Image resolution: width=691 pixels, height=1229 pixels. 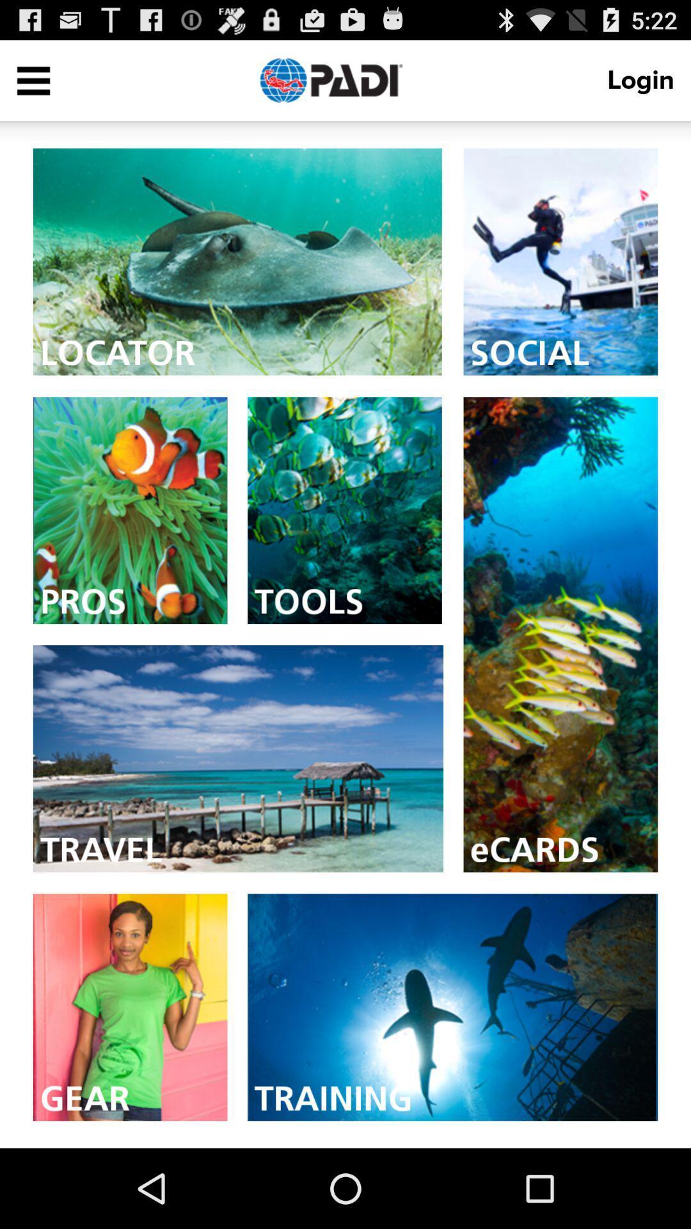 I want to click on tools, so click(x=344, y=510).